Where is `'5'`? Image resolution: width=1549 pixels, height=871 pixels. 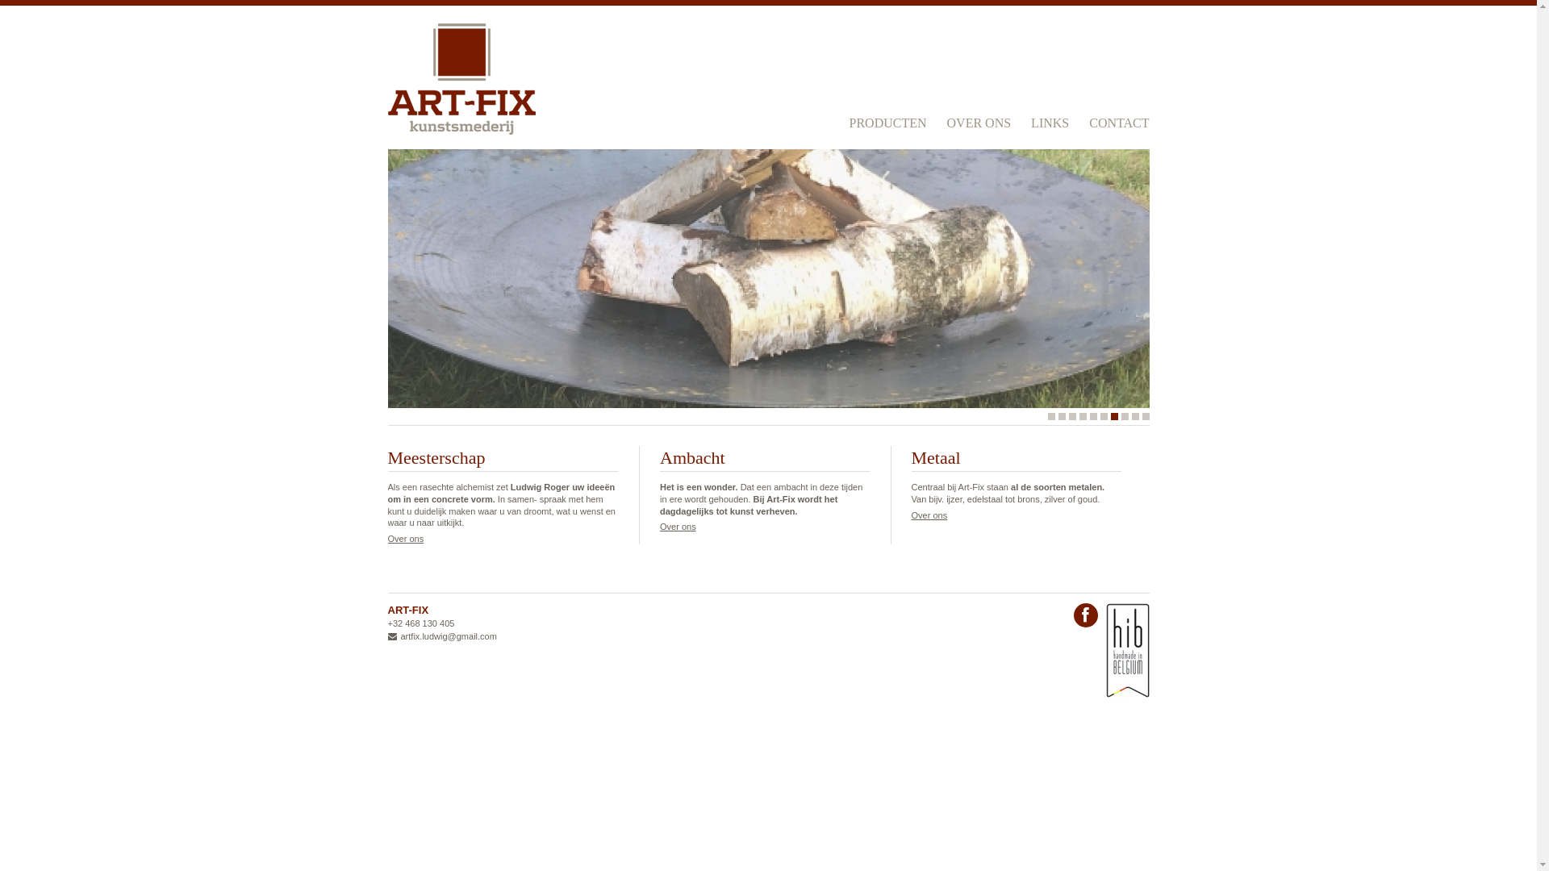
'5' is located at coordinates (1092, 415).